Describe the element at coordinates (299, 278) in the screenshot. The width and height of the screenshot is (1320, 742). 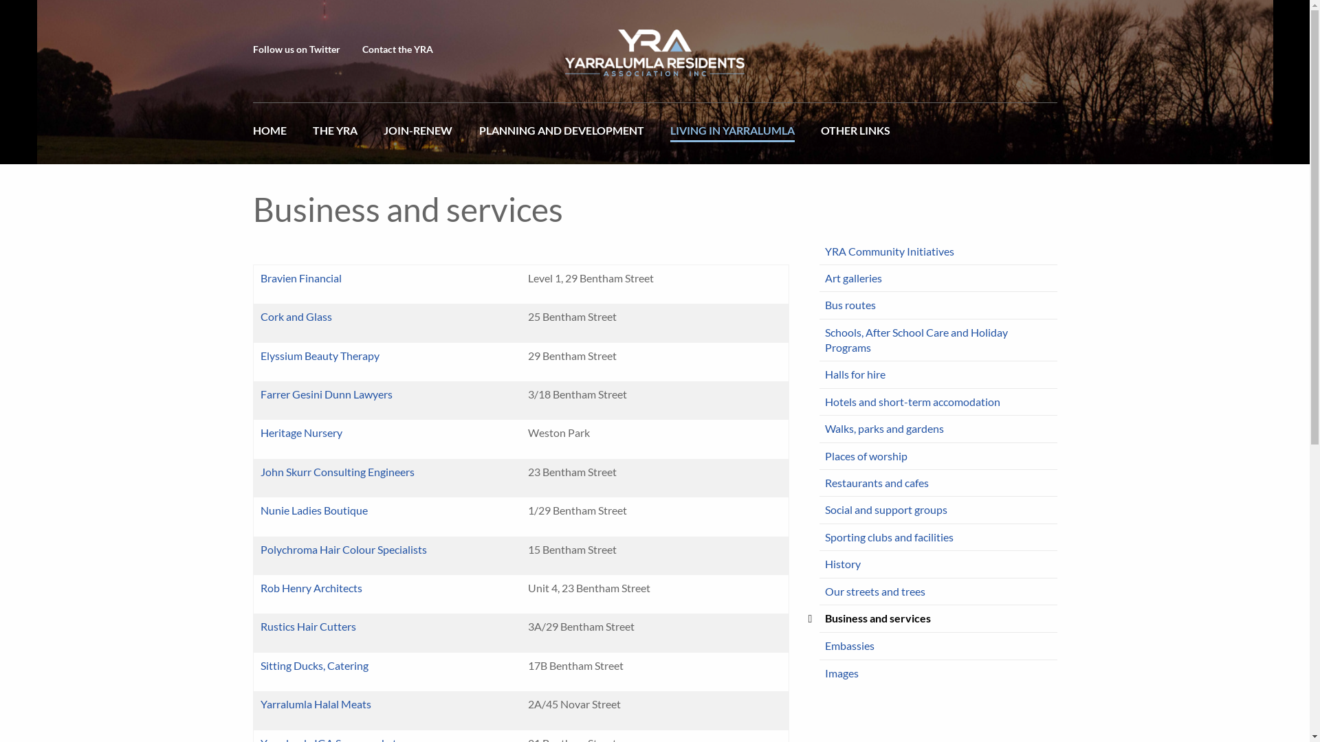
I see `'Bravien Financial'` at that location.